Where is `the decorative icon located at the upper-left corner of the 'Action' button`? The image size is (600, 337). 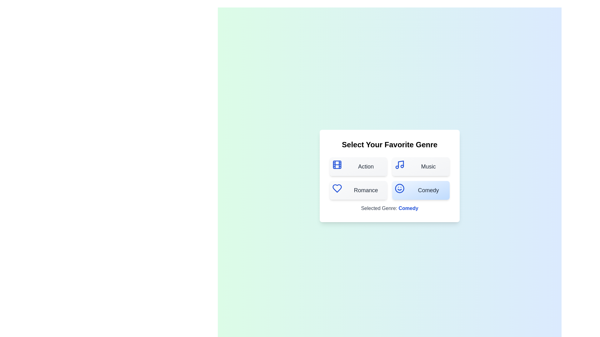
the decorative icon located at the upper-left corner of the 'Action' button is located at coordinates (337, 164).